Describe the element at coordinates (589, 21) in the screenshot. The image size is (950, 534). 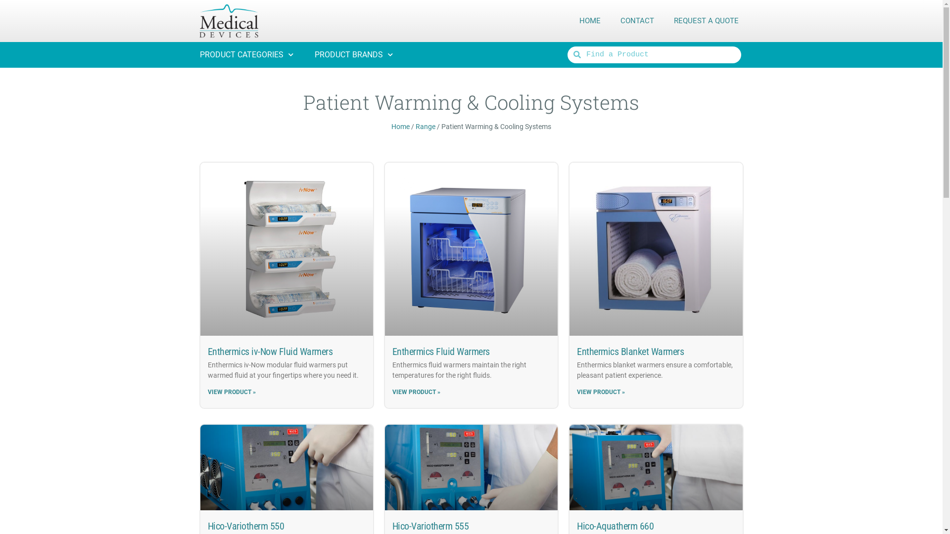
I see `'HOME'` at that location.